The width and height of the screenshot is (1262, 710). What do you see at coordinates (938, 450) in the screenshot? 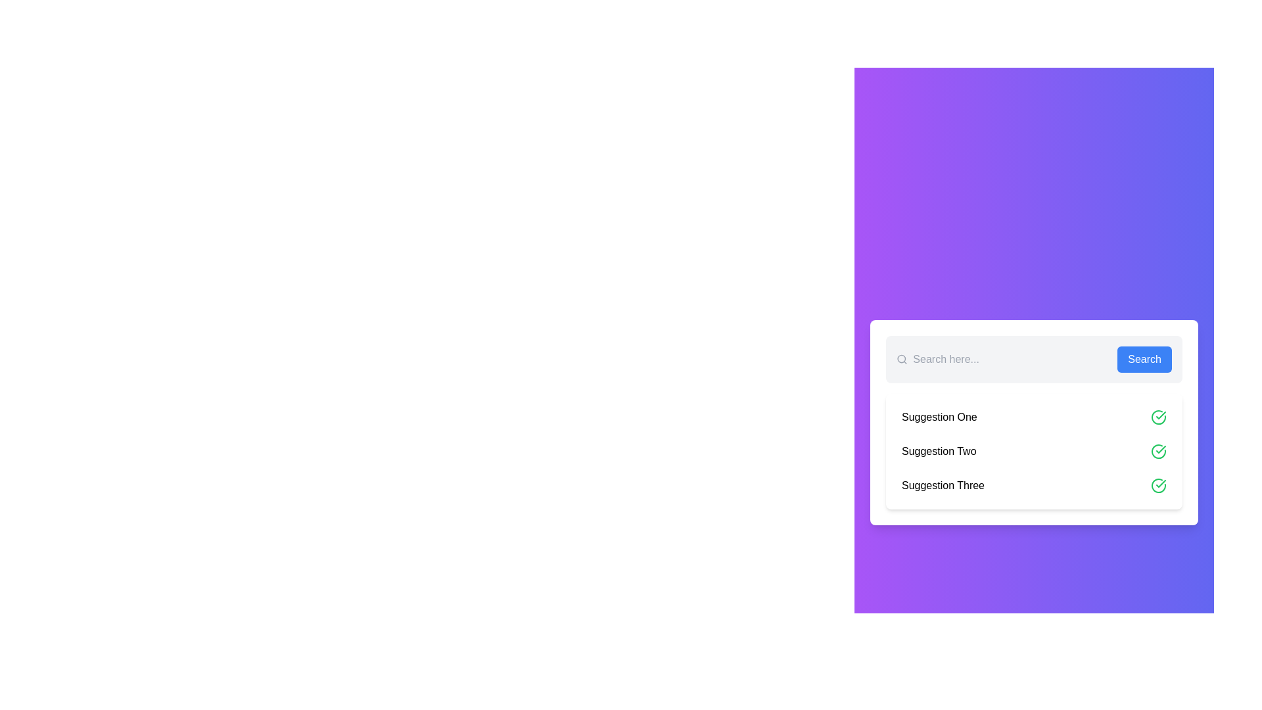
I see `the text label displaying 'Suggestion Two'` at bounding box center [938, 450].